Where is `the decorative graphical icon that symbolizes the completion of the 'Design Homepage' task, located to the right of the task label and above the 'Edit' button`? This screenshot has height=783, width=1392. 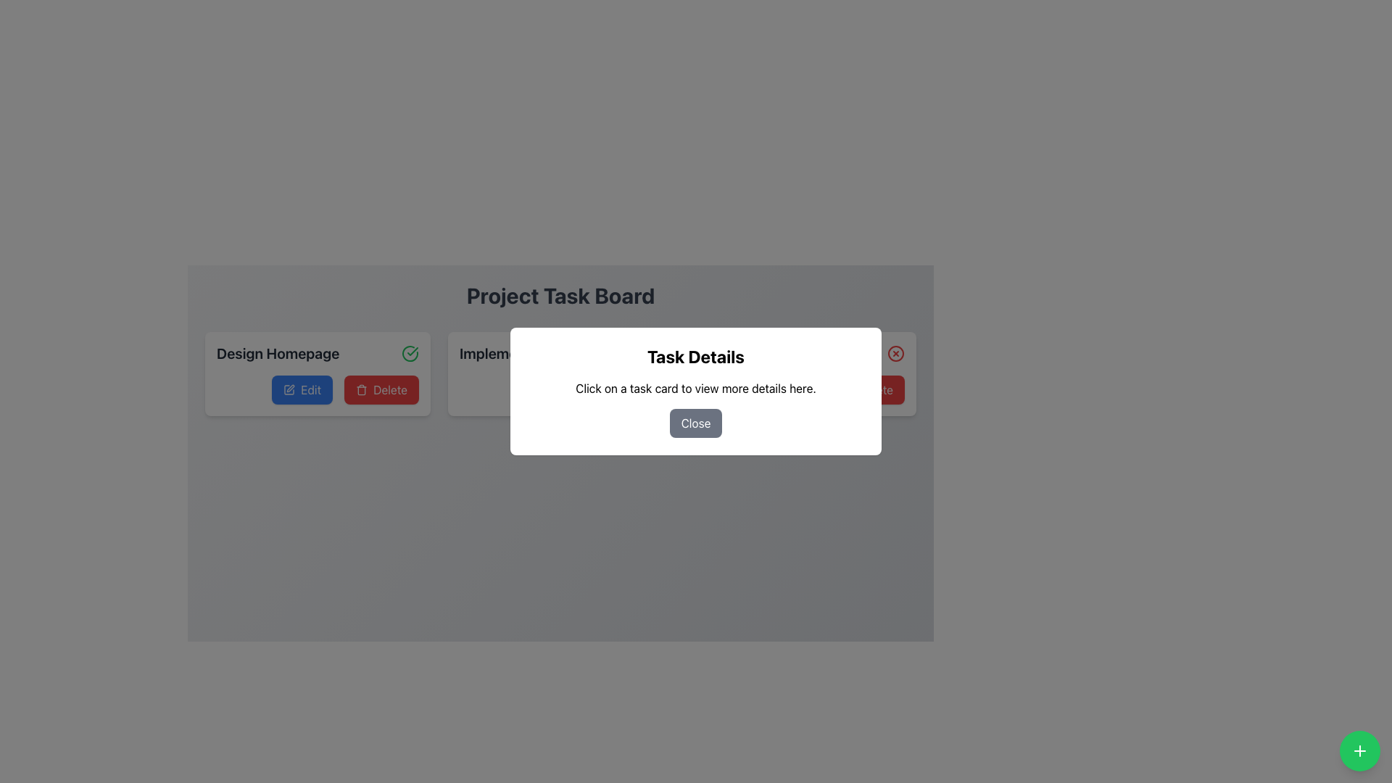
the decorative graphical icon that symbolizes the completion of the 'Design Homepage' task, located to the right of the task label and above the 'Edit' button is located at coordinates (410, 354).